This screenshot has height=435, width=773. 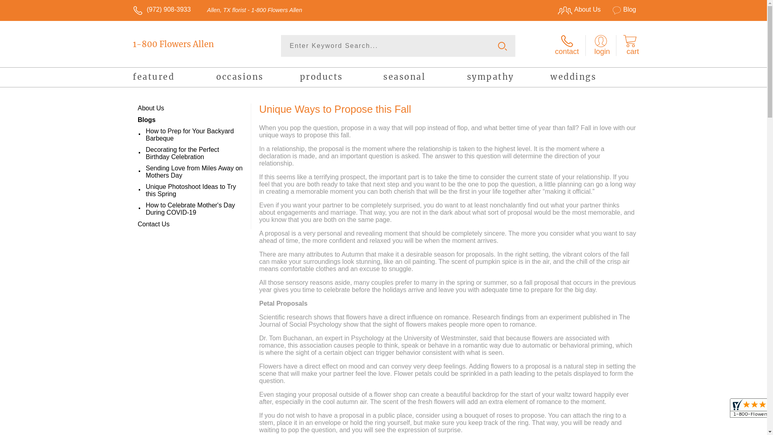 What do you see at coordinates (424, 78) in the screenshot?
I see `'seasonal'` at bounding box center [424, 78].